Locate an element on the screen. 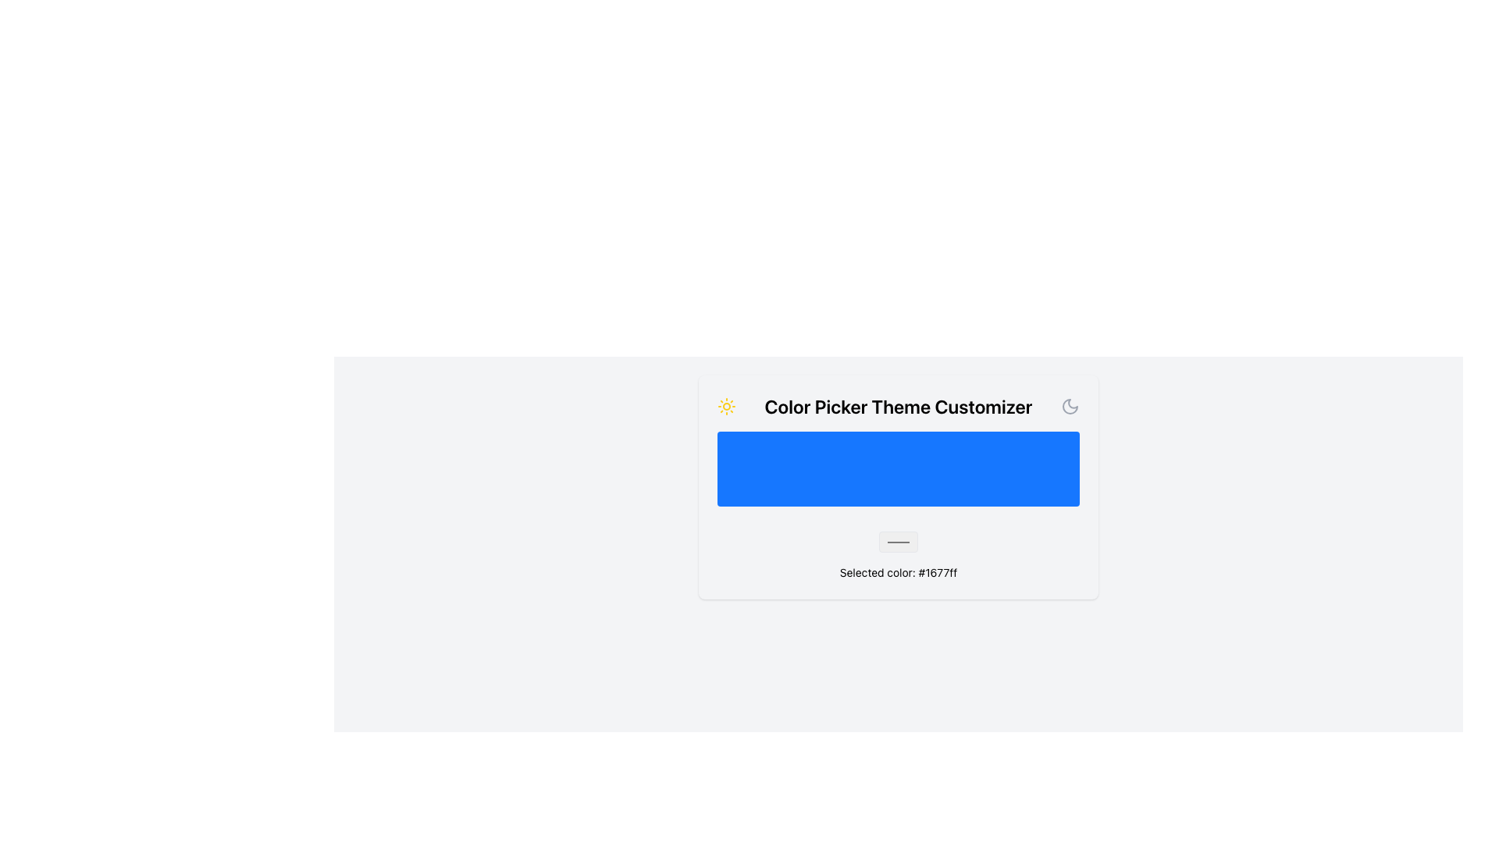 This screenshot has height=843, width=1499. the prominently colored blue section of the Color Picker Widget is located at coordinates (899, 486).